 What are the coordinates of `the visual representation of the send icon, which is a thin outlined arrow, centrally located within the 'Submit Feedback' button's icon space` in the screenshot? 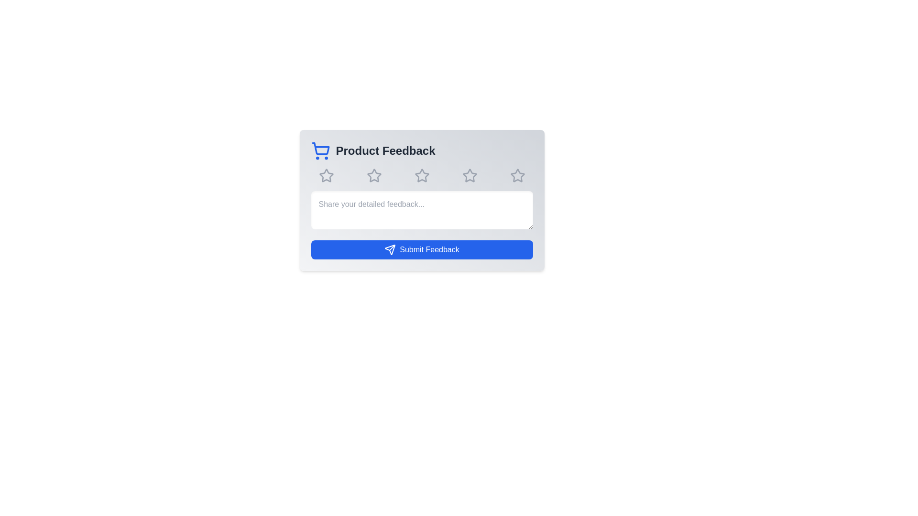 It's located at (390, 249).